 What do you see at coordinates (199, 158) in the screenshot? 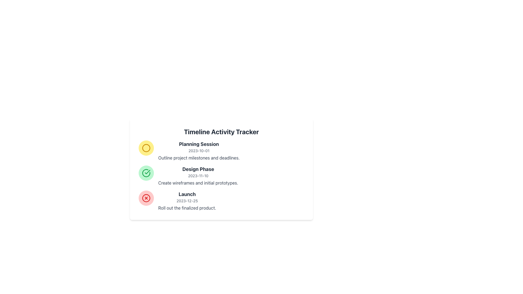
I see `the text component containing the phrase 'Outline project milestones and deadlines.' which is styled in gray and located below '2023-10-01' and 'Planning Session'` at bounding box center [199, 158].